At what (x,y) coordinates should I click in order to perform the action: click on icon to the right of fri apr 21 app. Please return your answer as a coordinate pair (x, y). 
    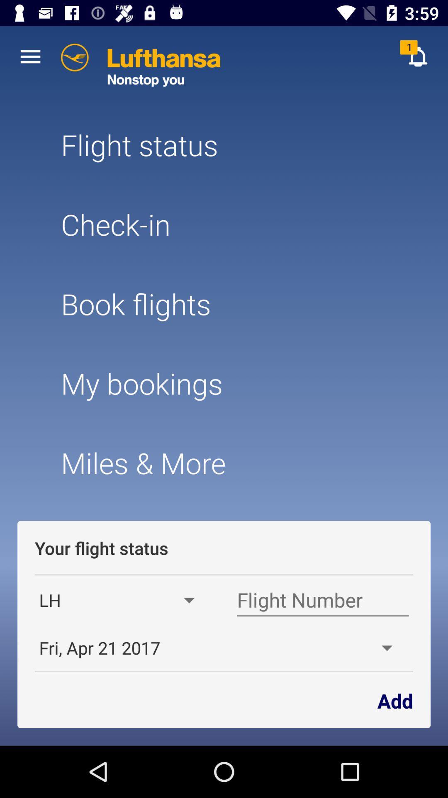
    Looking at the image, I should click on (394, 699).